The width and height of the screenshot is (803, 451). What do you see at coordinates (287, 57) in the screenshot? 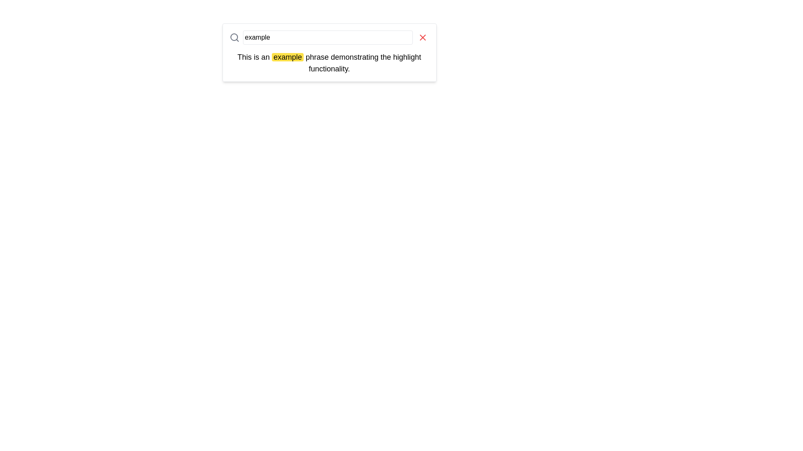
I see `the highlighted text 'example'` at bounding box center [287, 57].